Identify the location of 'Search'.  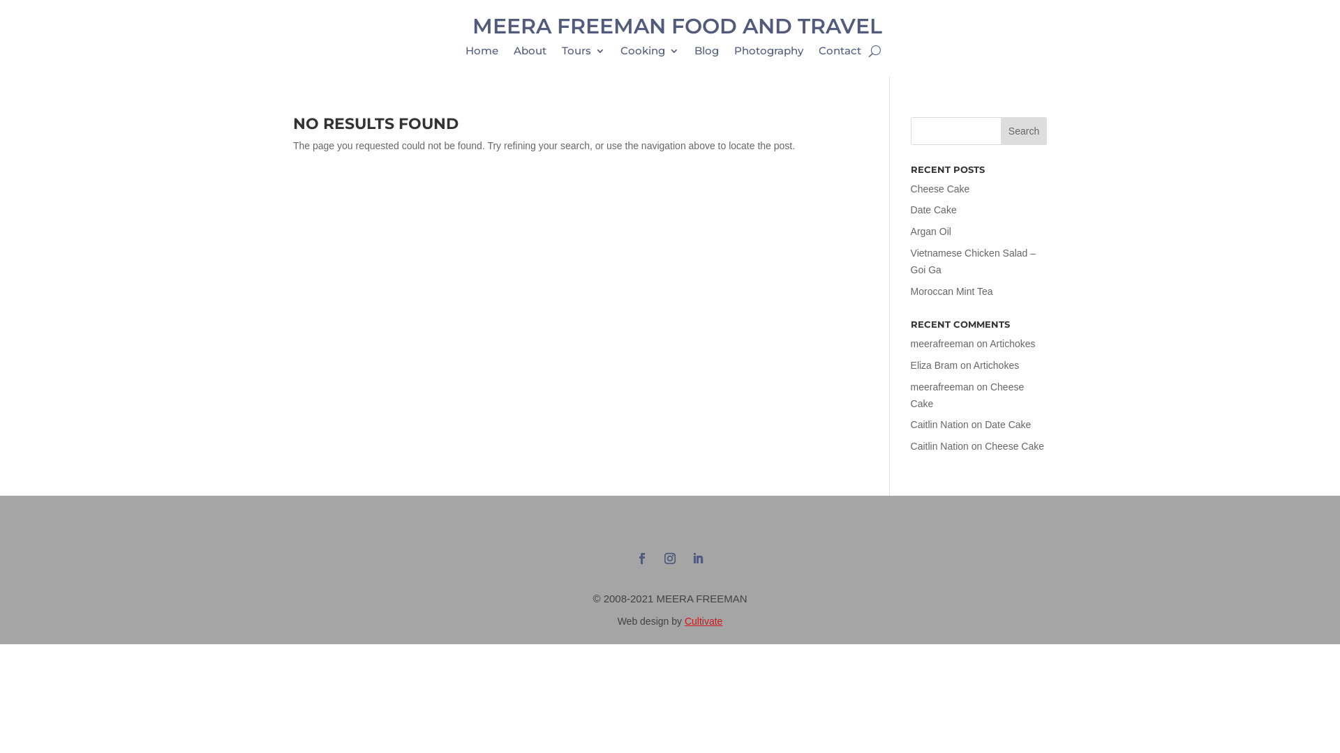
(1024, 131).